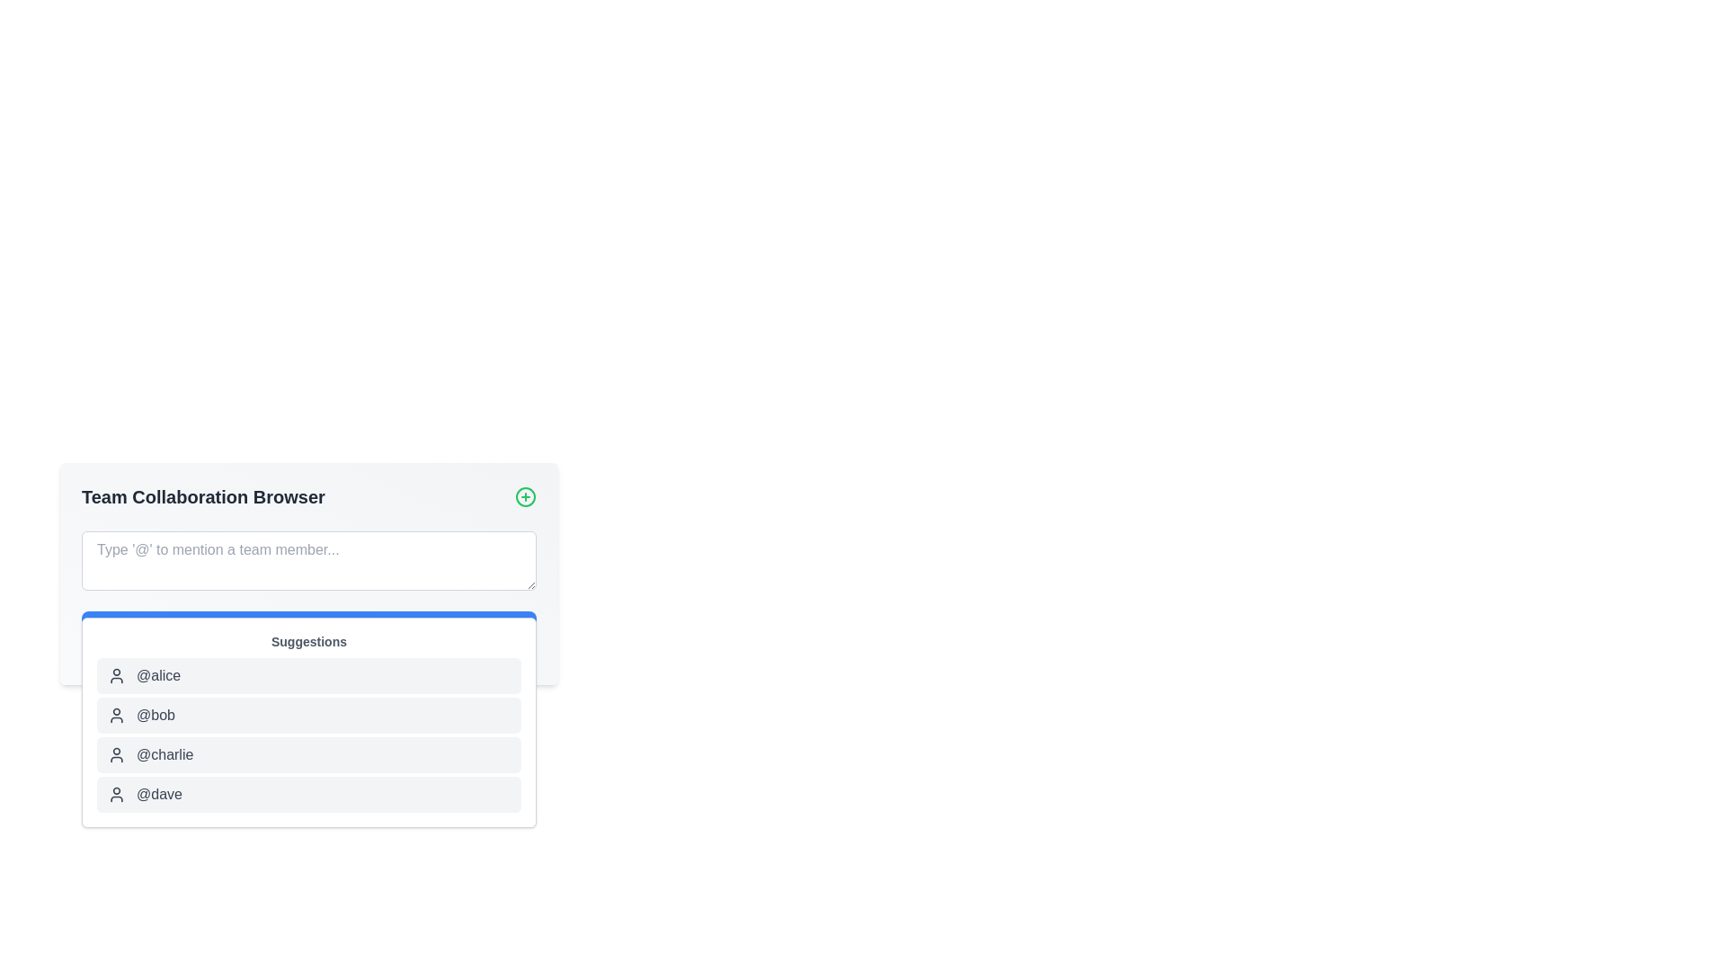 Image resolution: width=1726 pixels, height=971 pixels. Describe the element at coordinates (165, 755) in the screenshot. I see `the selectable option for mentioning the user 'charlie' in the suggestions list, which is the third item located under the 'Suggestions' header, positioned between '@bob' and '@dave'` at that location.